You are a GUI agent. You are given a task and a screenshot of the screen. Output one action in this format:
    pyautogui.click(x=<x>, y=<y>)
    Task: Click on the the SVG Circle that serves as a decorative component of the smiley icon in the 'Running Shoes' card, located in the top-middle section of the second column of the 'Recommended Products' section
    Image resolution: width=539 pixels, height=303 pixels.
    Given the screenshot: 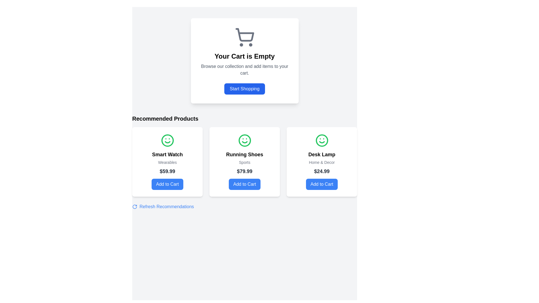 What is the action you would take?
    pyautogui.click(x=245, y=140)
    